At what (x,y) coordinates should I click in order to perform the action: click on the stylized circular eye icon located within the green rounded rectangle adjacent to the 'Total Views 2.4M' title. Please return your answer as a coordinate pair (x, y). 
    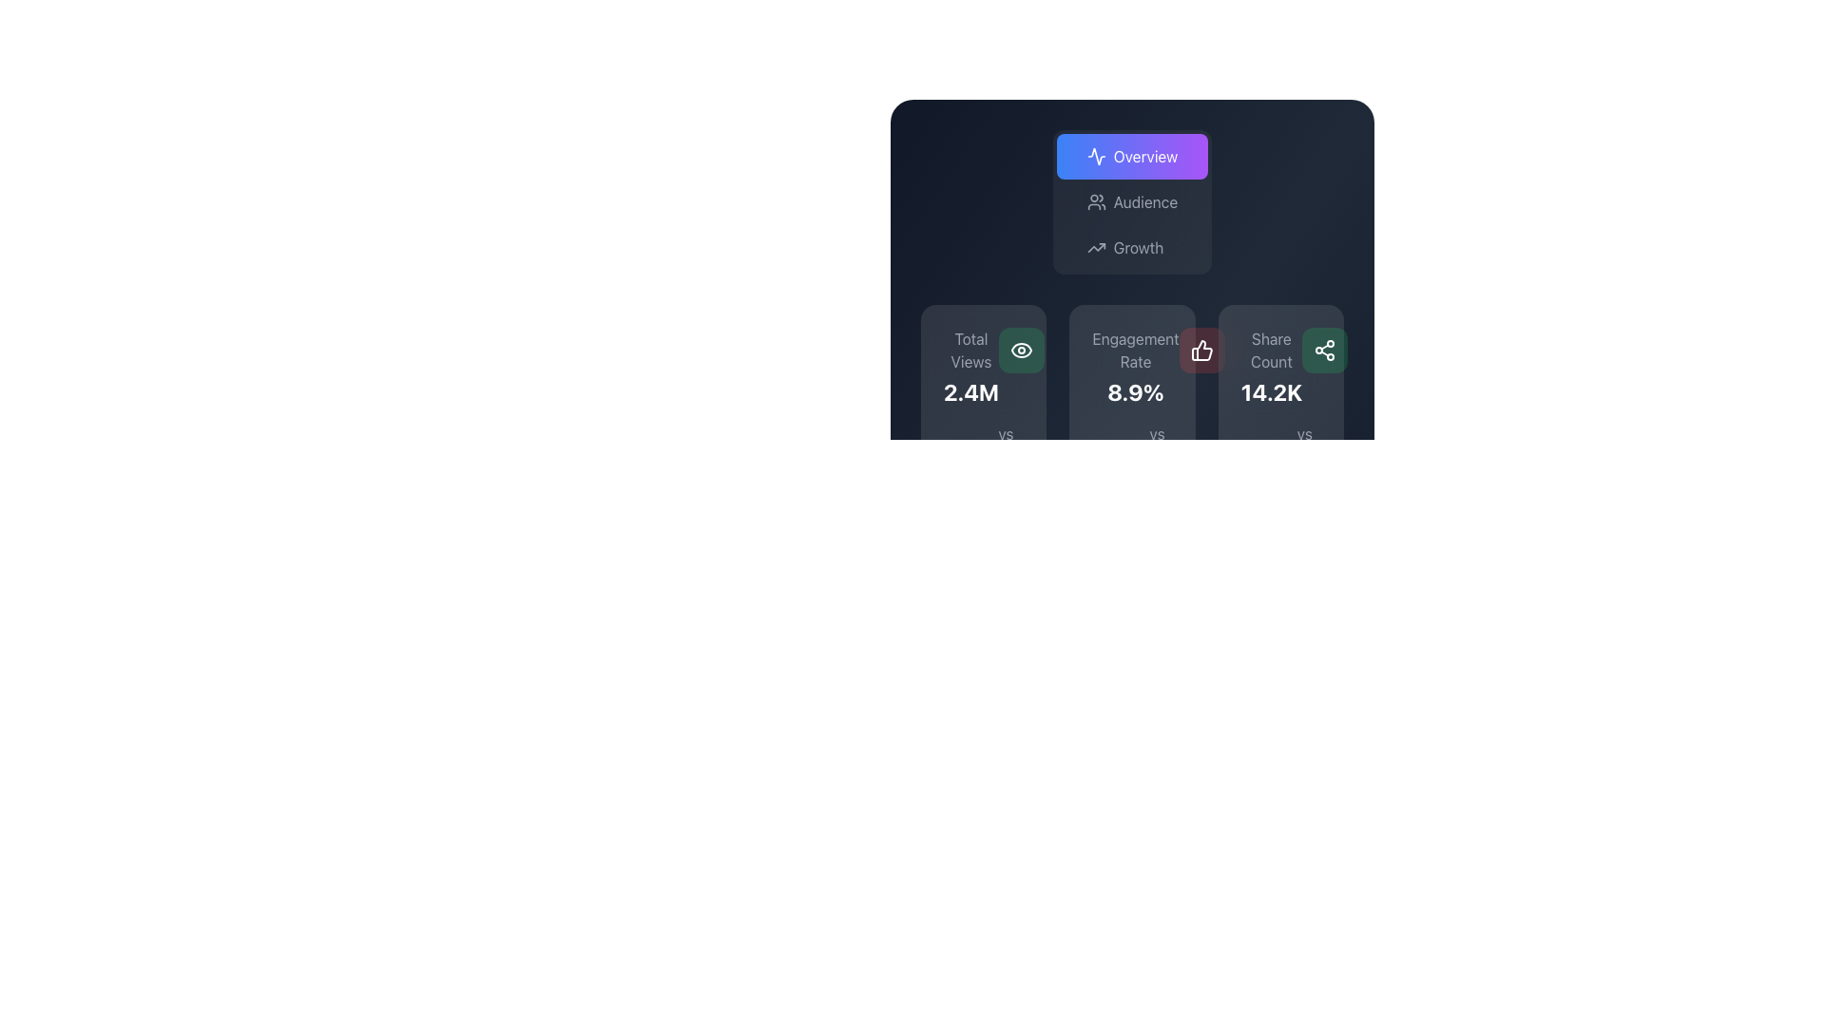
    Looking at the image, I should click on (1020, 351).